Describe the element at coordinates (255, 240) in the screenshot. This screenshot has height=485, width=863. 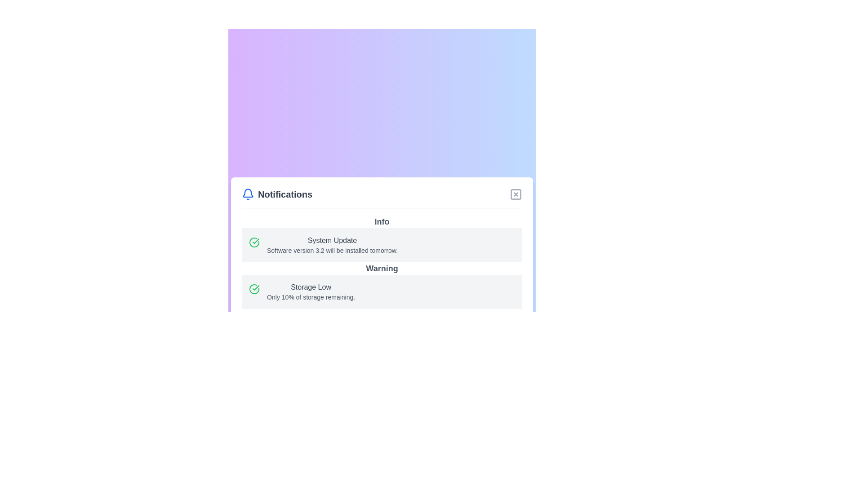
I see `the green checkmark icon adjacent to the 'Storage Low' text in the 'Warning' notification section` at that location.